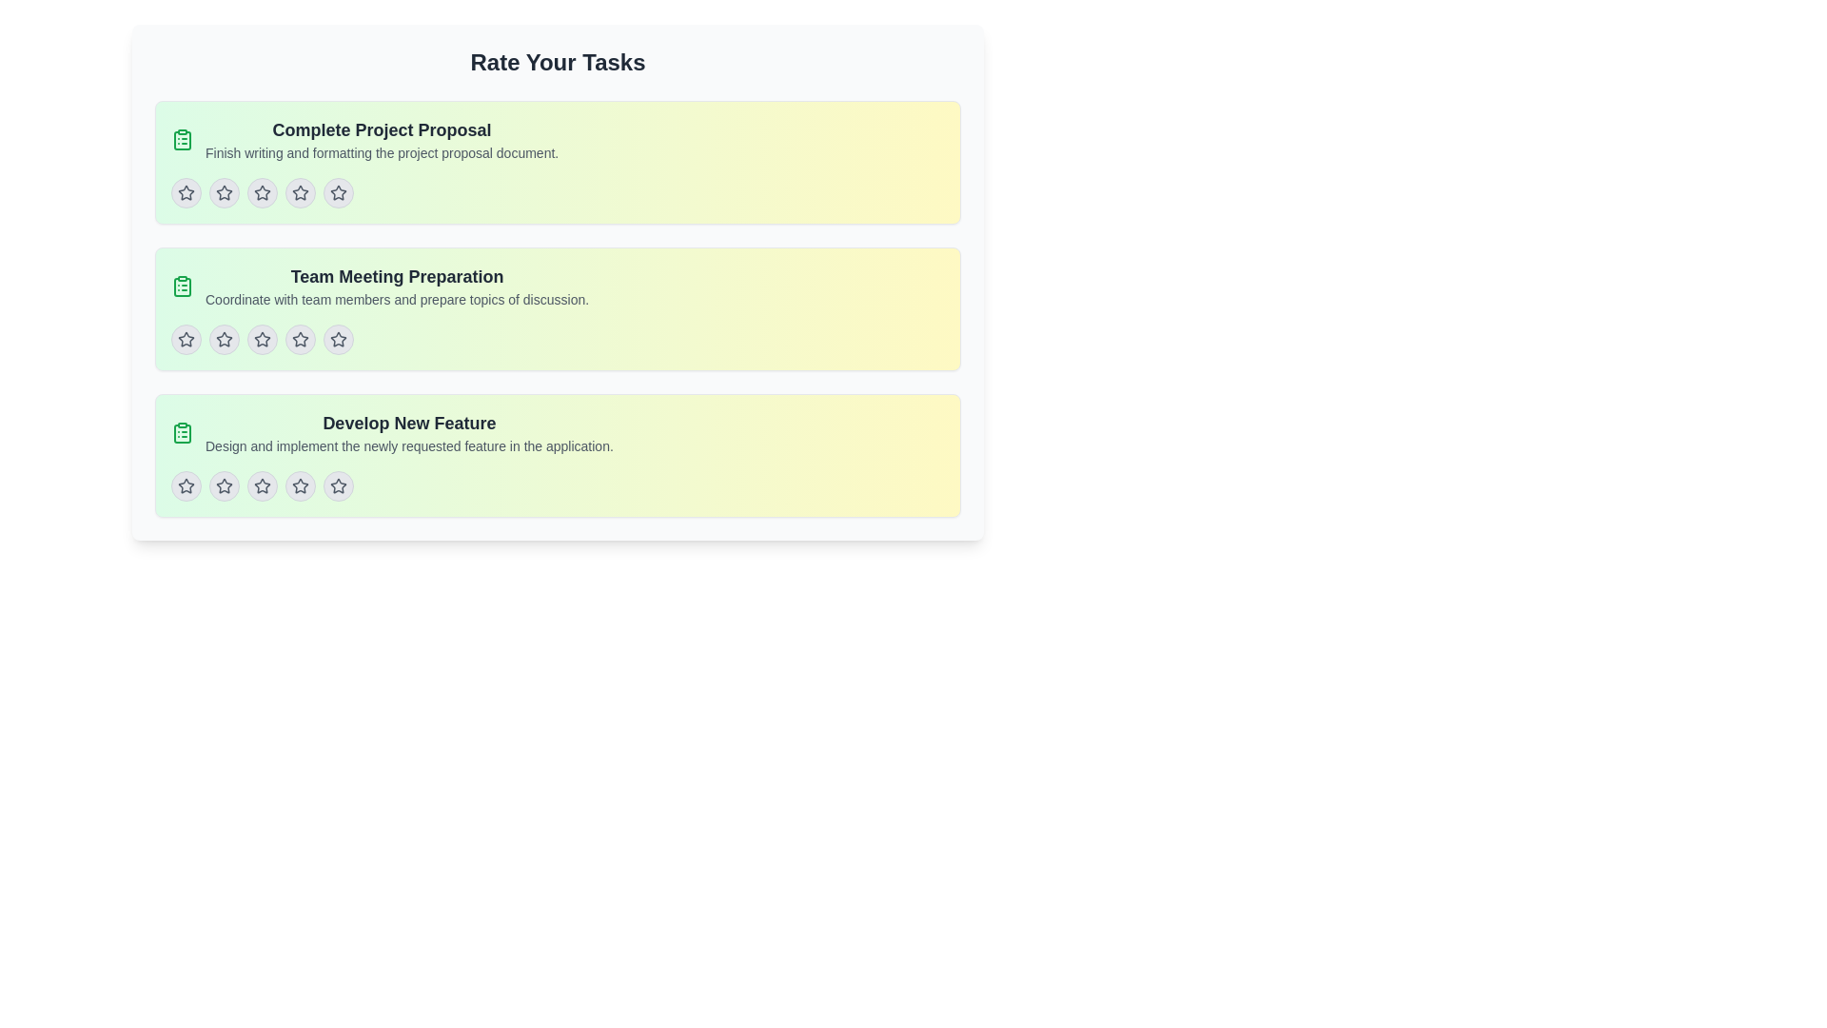 The width and height of the screenshot is (1827, 1028). Describe the element at coordinates (224, 484) in the screenshot. I see `the second star icon in the rating control section of the 'Develop New Feature' task` at that location.